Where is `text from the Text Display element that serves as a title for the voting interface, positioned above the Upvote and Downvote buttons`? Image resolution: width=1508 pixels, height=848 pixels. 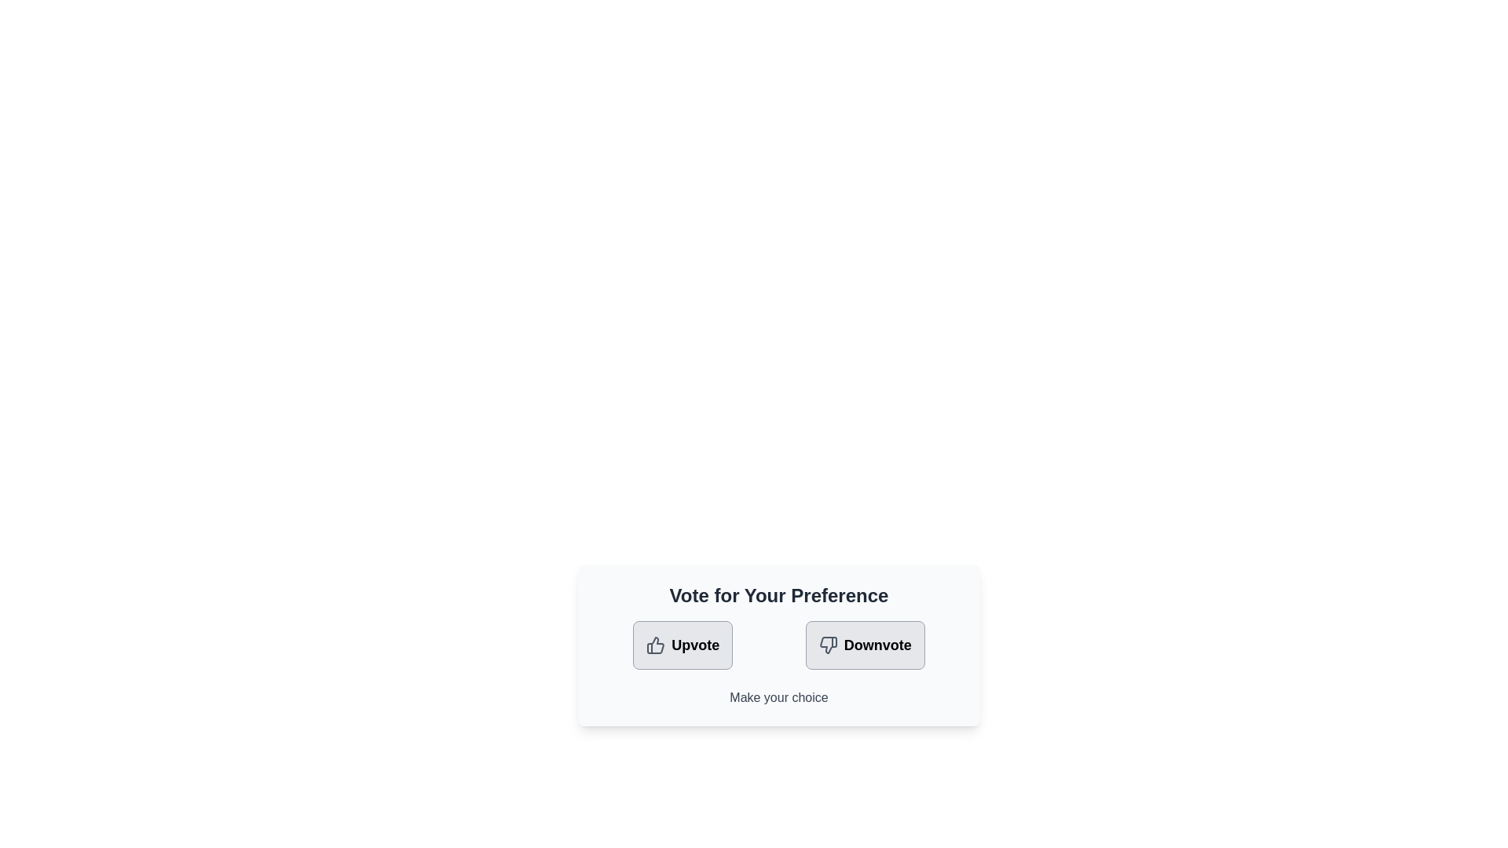 text from the Text Display element that serves as a title for the voting interface, positioned above the Upvote and Downvote buttons is located at coordinates (779, 596).